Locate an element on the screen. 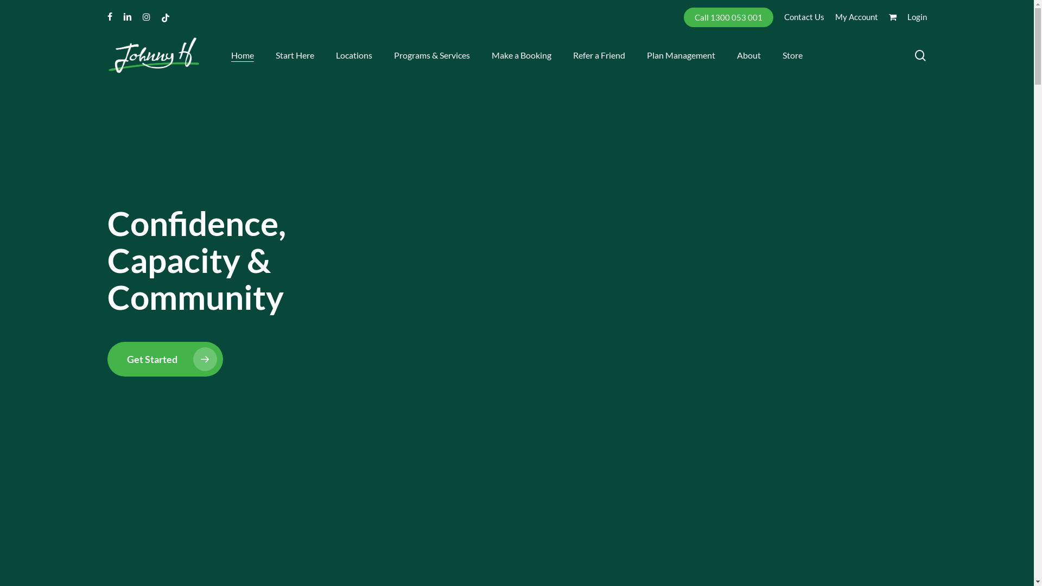  'Home' is located at coordinates (242, 55).